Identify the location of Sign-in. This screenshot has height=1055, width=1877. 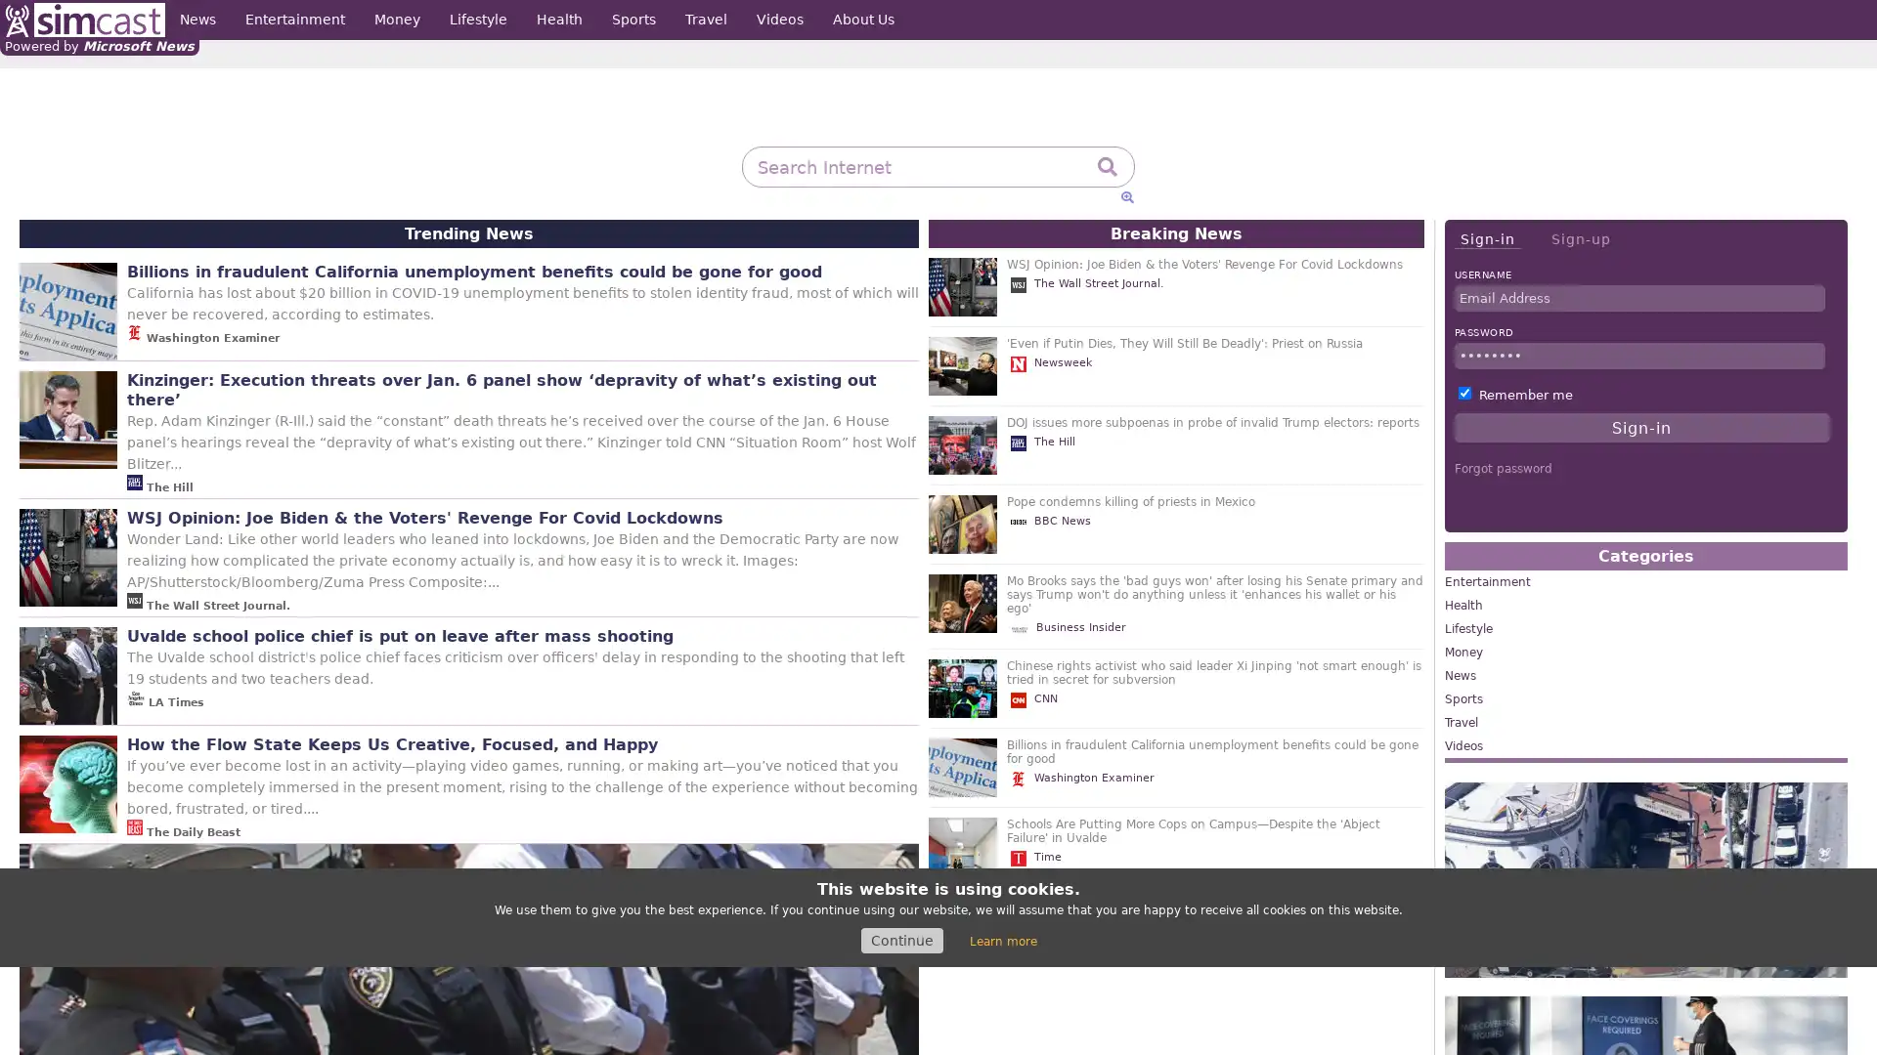
(1486, 238).